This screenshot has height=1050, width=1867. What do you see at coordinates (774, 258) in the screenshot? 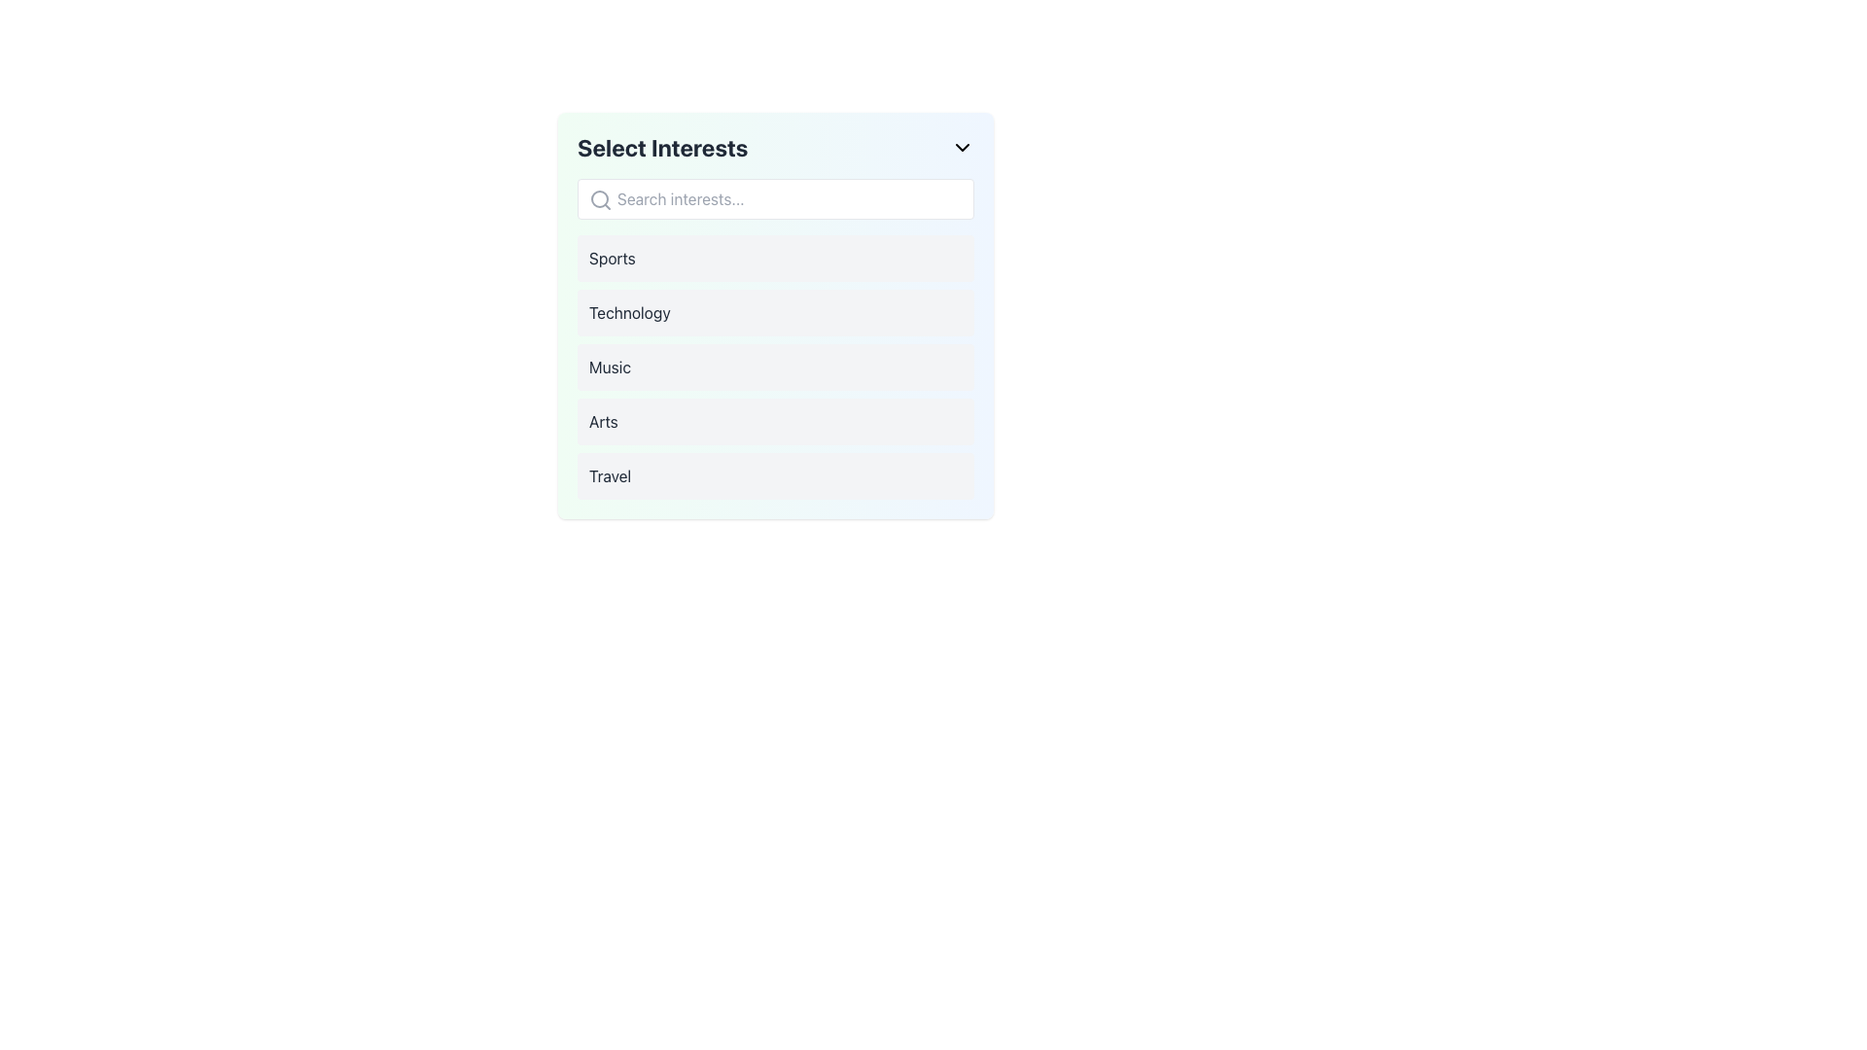
I see `the 'Sports' button, which is the first item in the vertical list of categories under the 'Select Interests' section` at bounding box center [774, 258].